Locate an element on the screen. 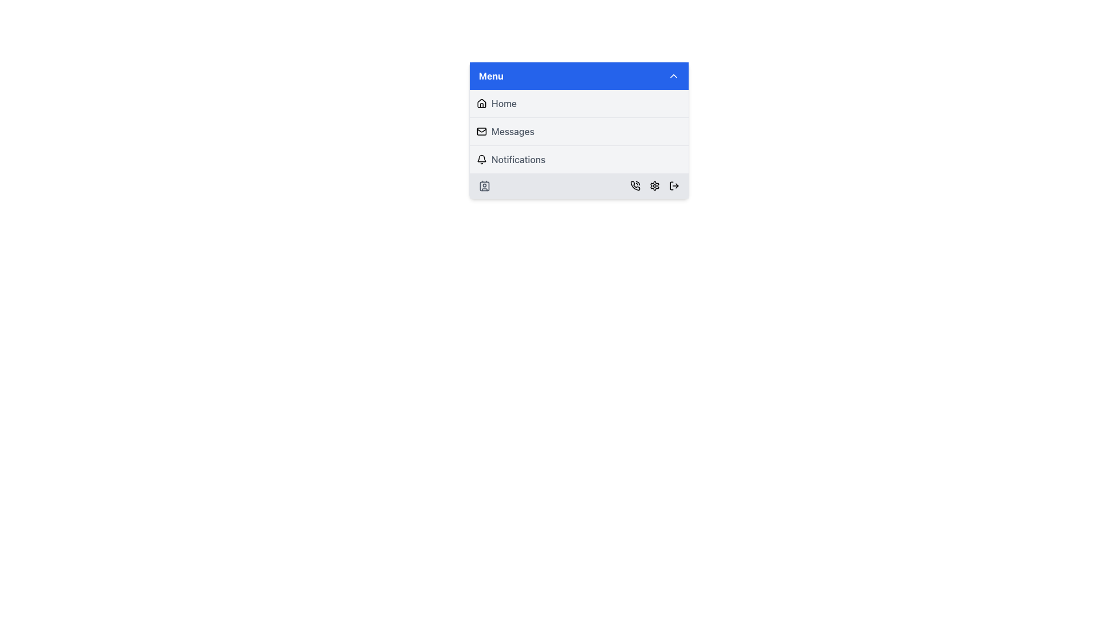  the bell icon that indicates notifications or alerts, which is located on the right side of the 'Notifications' list entry within the menu panel is located at coordinates (481, 159).